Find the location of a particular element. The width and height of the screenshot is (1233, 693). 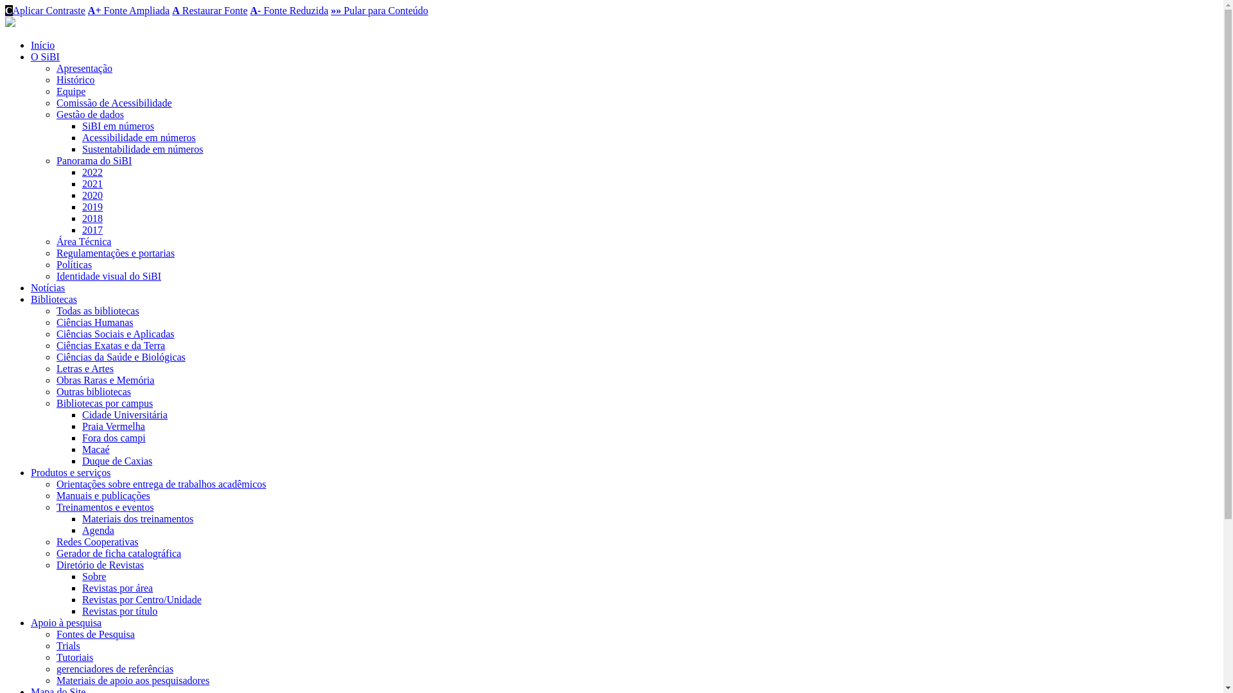

'A+ Fonte Ampliada' is located at coordinates (128, 10).